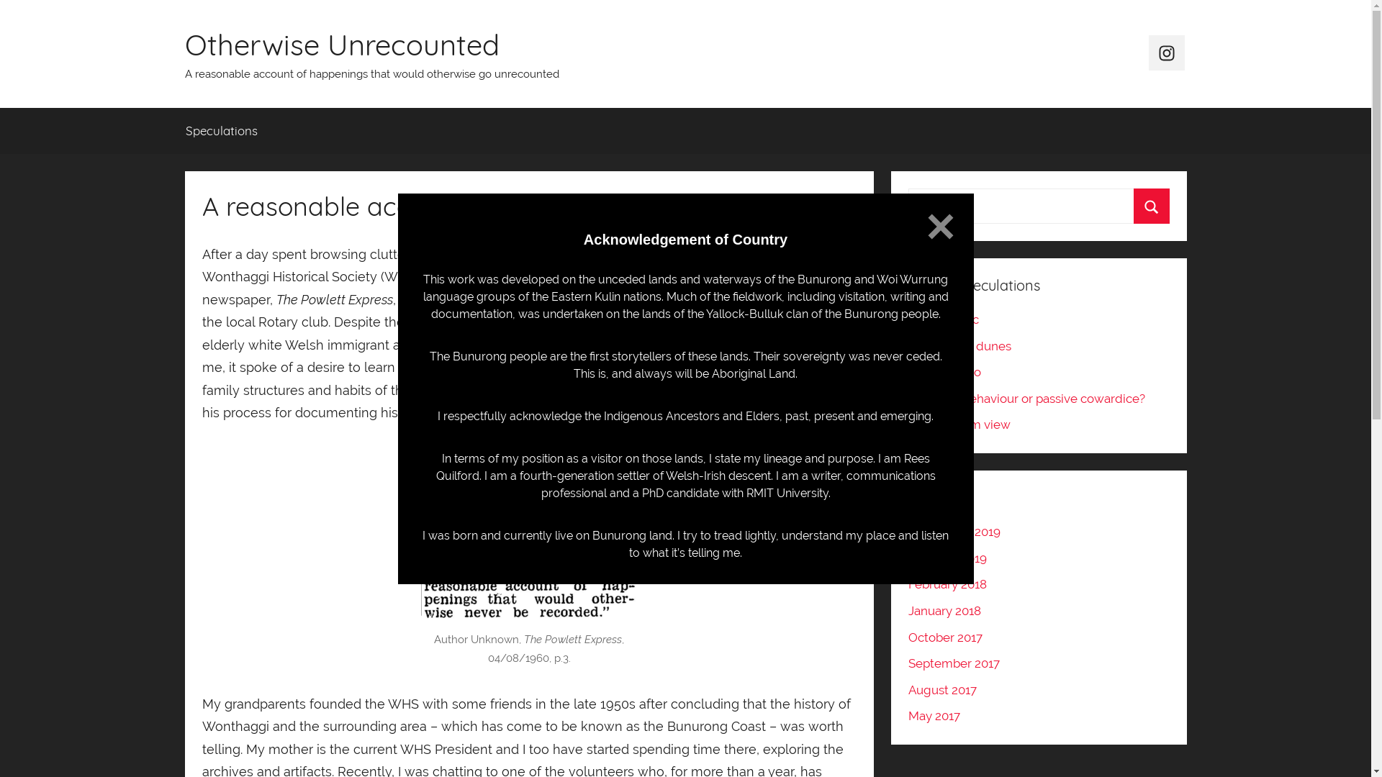 This screenshot has width=1382, height=777. I want to click on 'February 2018', so click(947, 584).